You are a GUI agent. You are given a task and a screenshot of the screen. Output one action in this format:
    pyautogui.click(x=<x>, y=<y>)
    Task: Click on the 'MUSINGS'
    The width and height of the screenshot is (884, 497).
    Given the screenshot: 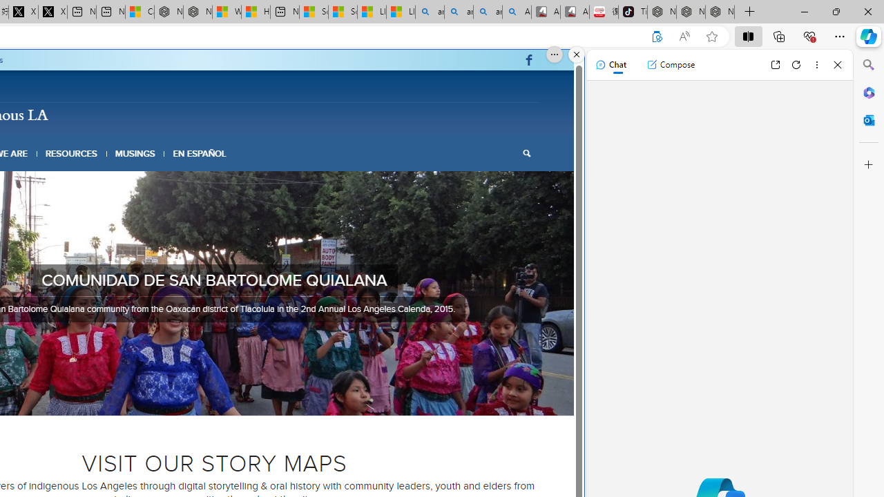 What is the action you would take?
    pyautogui.click(x=135, y=153)
    